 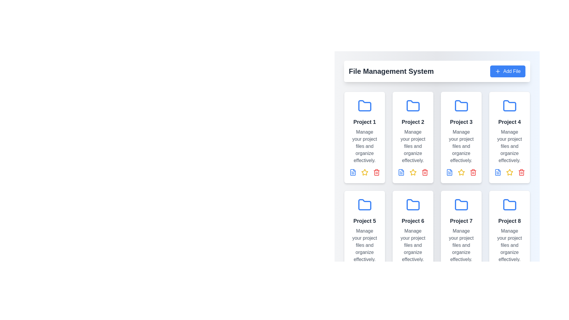 What do you see at coordinates (461, 221) in the screenshot?
I see `text content of the Static Text Label that serves as the title for the project, located in the third column of the third row of the grid arrangement` at bounding box center [461, 221].